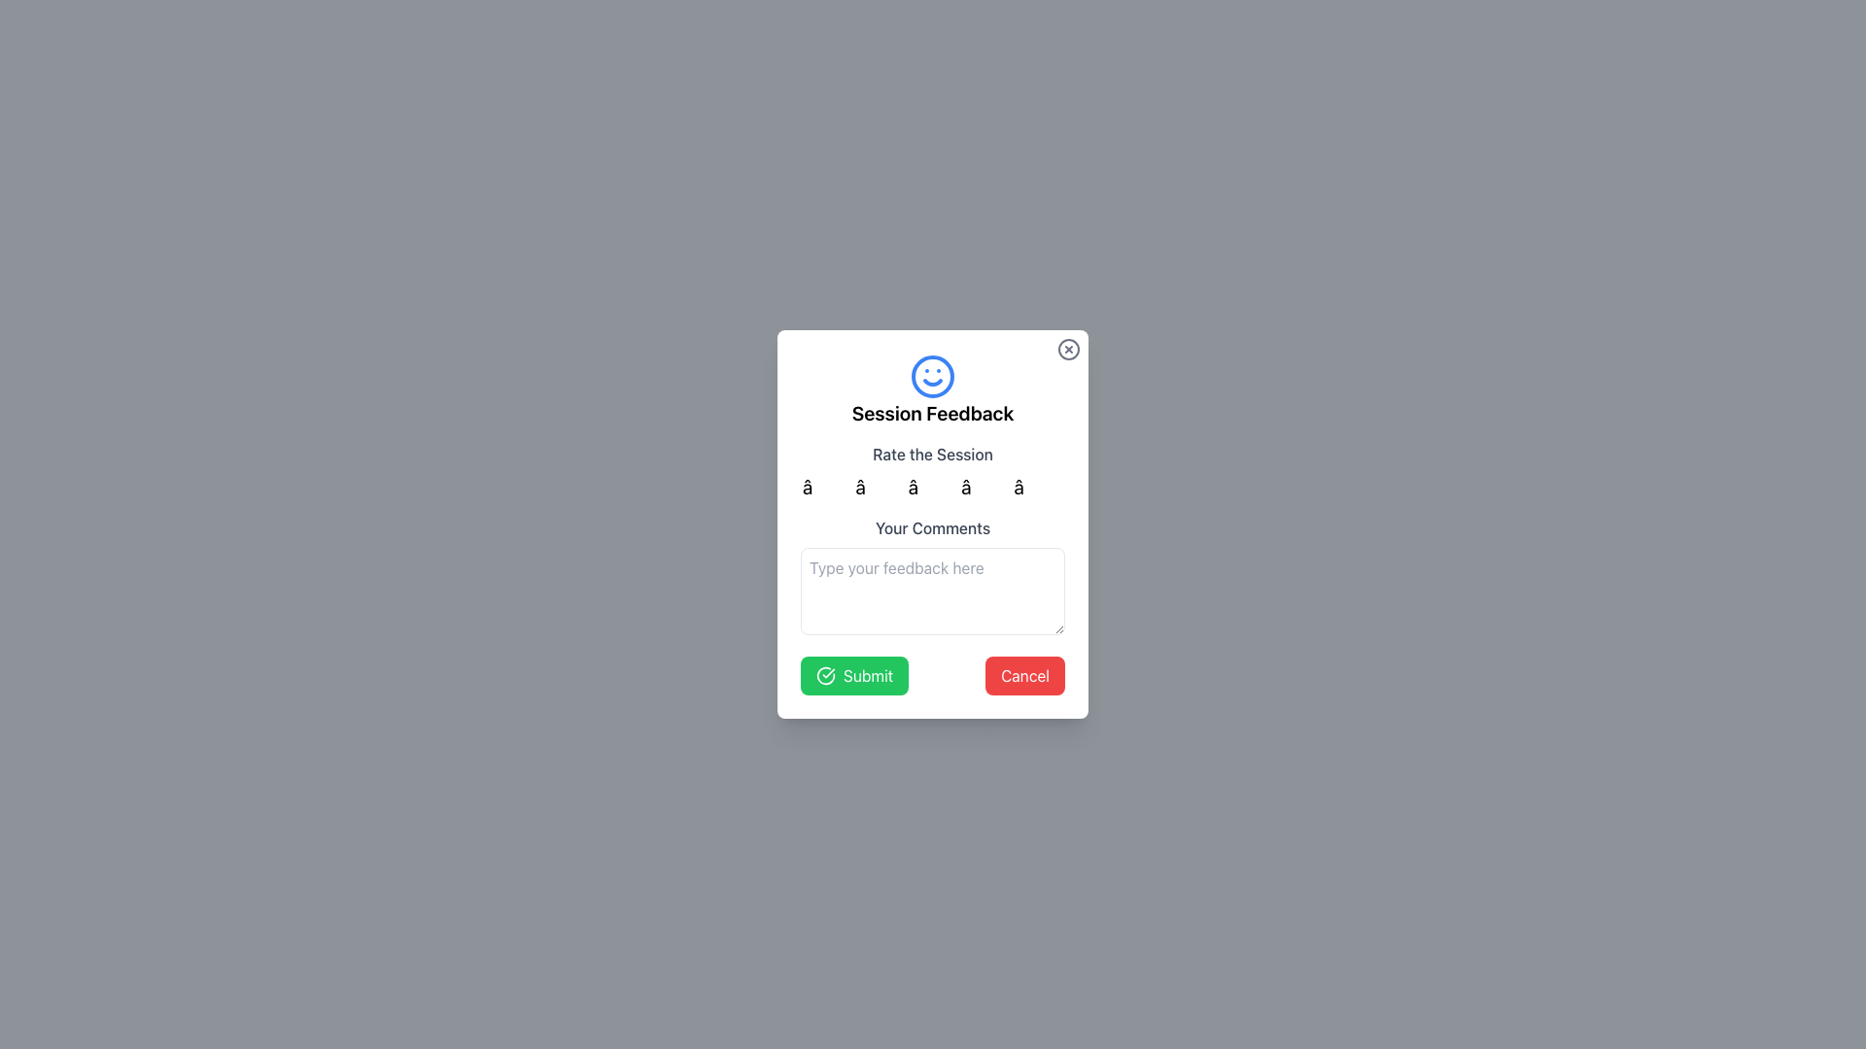 The height and width of the screenshot is (1049, 1866). What do you see at coordinates (825, 674) in the screenshot?
I see `the success icon located to the left of the 'Submit' button at the bottom center of the card` at bounding box center [825, 674].